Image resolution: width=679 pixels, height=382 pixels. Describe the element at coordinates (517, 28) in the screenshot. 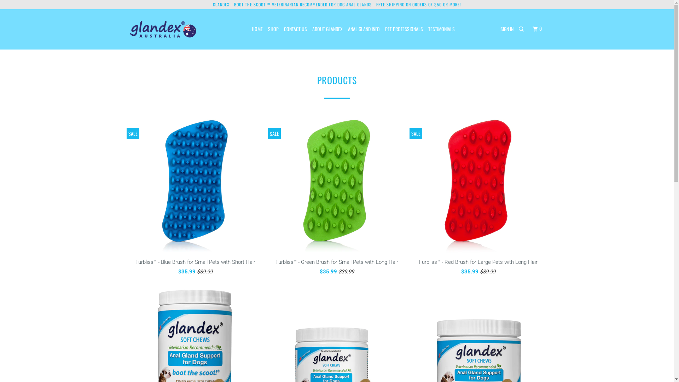

I see `'Search'` at that location.